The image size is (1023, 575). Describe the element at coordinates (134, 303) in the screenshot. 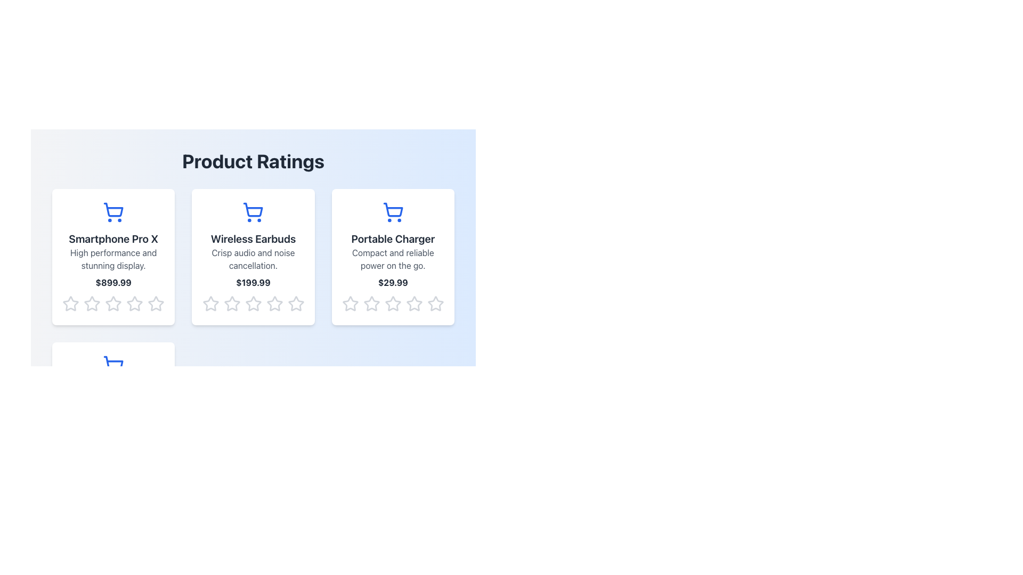

I see `the fourth star in the rating section of the 'Smartphone Pro X' product card to rate it` at that location.